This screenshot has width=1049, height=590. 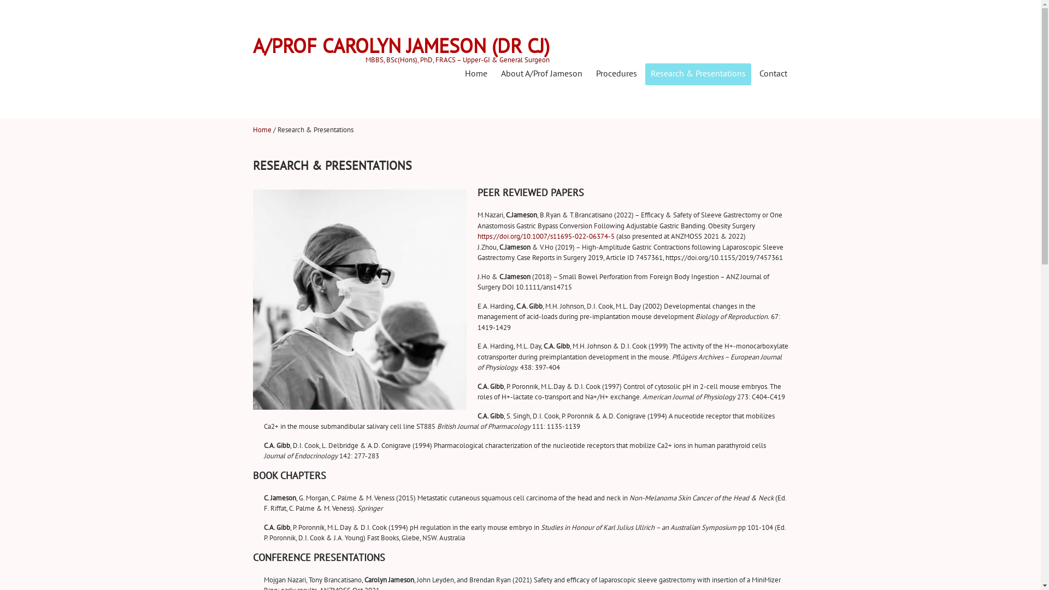 I want to click on 'https://doi.org/10.1007/s11695-022-06374-5', so click(x=546, y=235).